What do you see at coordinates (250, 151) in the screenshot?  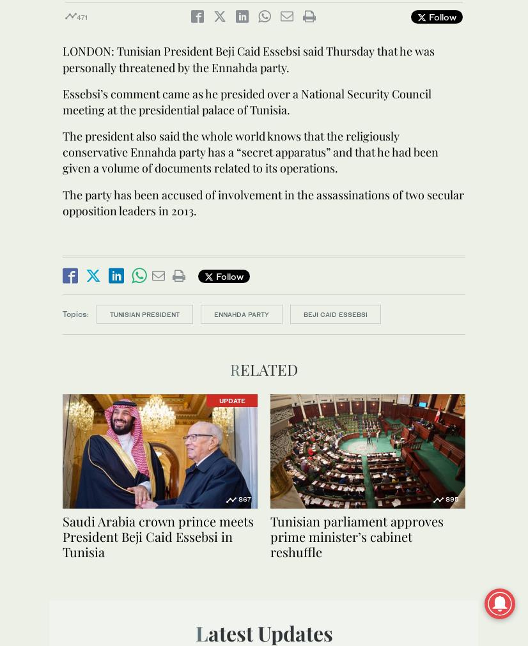 I see `'The president also said the whole world knows that the religiously conservative Ennahda party has a “secret apparatus” and that he had been given a volume of documents related to its operations.'` at bounding box center [250, 151].